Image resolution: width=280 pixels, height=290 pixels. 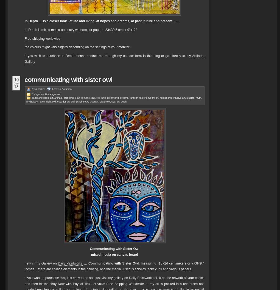 I want to click on 'intuitive art', so click(x=172, y=98).